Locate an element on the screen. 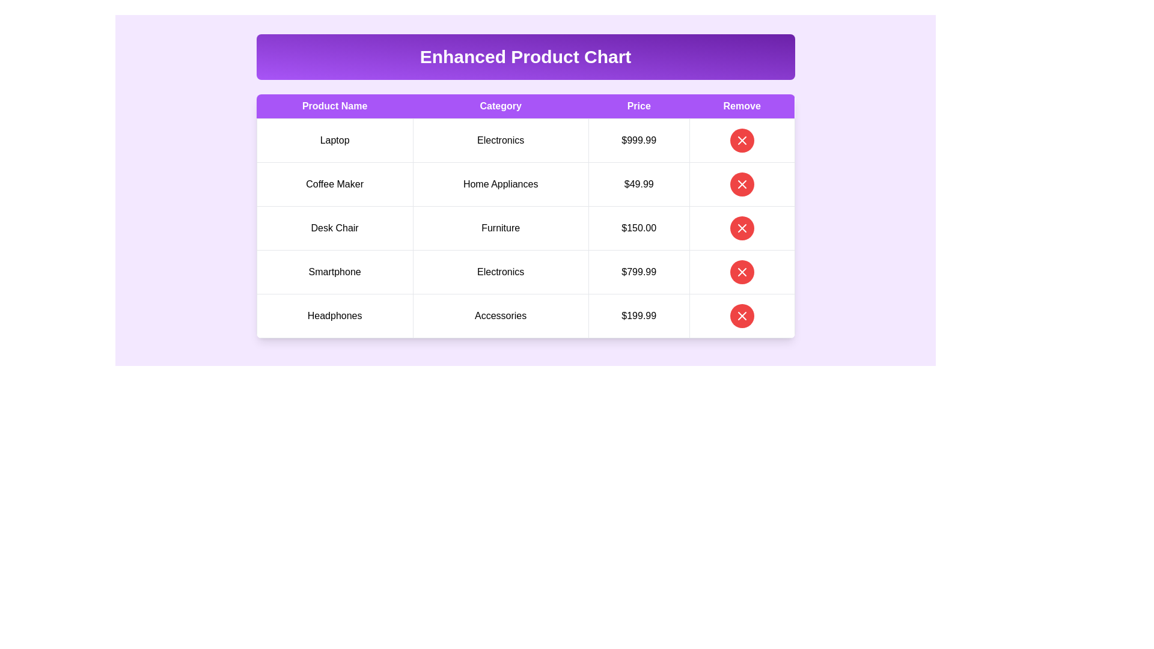  the diagonal cross icon within the red circular 'Remove' button for the fourth row of the table corresponding to the 'Smartphone' item is located at coordinates (741, 272).